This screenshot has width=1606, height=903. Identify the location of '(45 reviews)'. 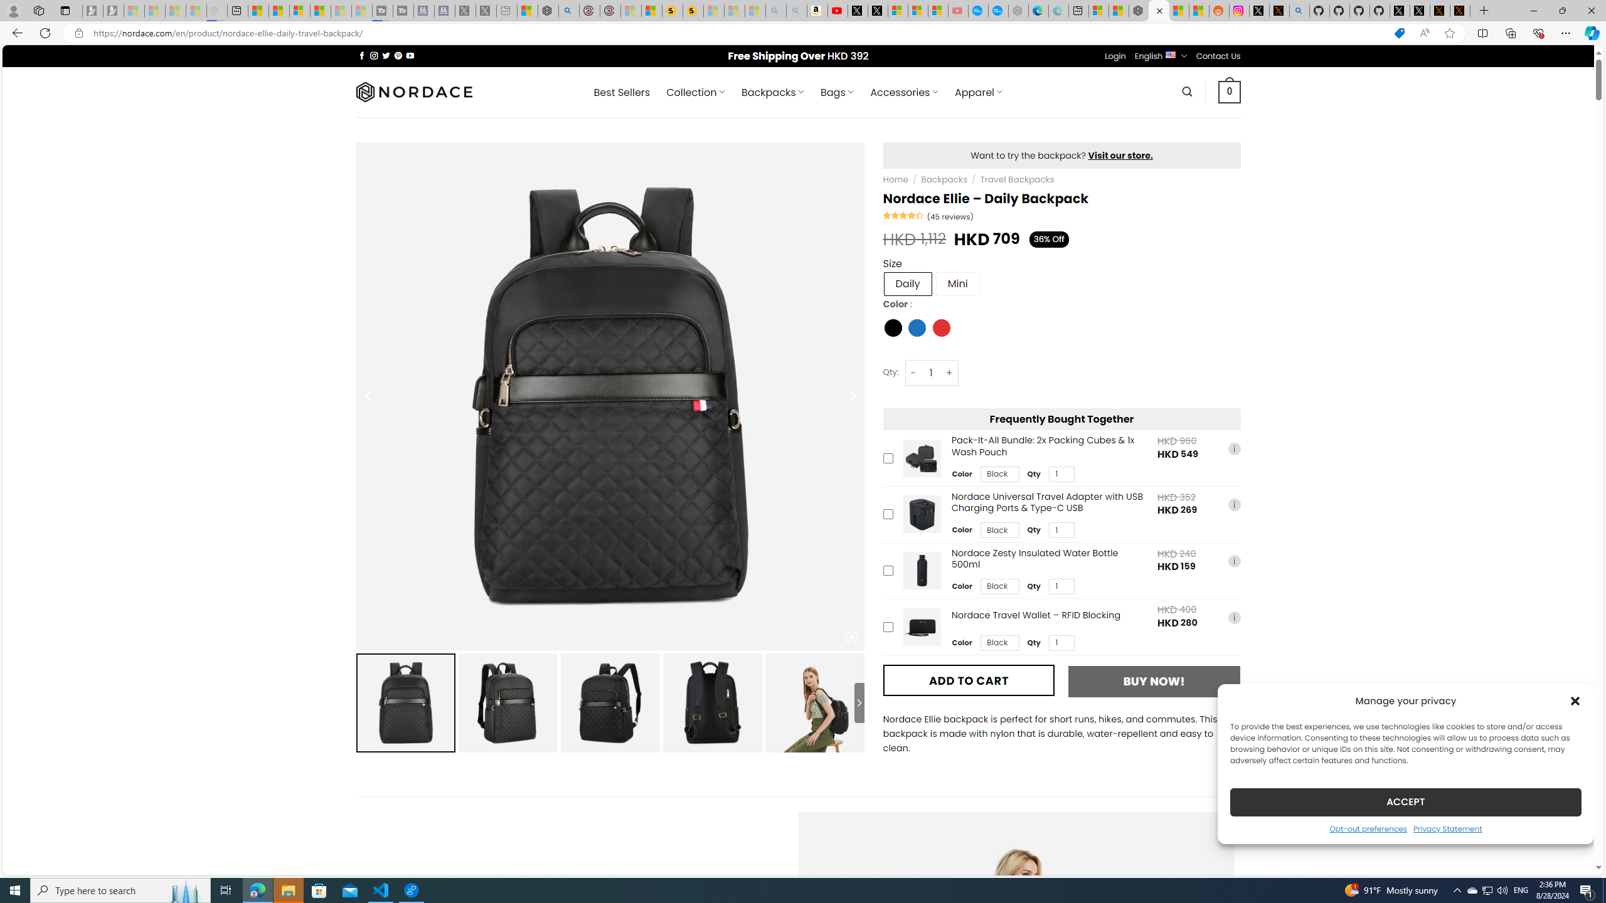
(949, 216).